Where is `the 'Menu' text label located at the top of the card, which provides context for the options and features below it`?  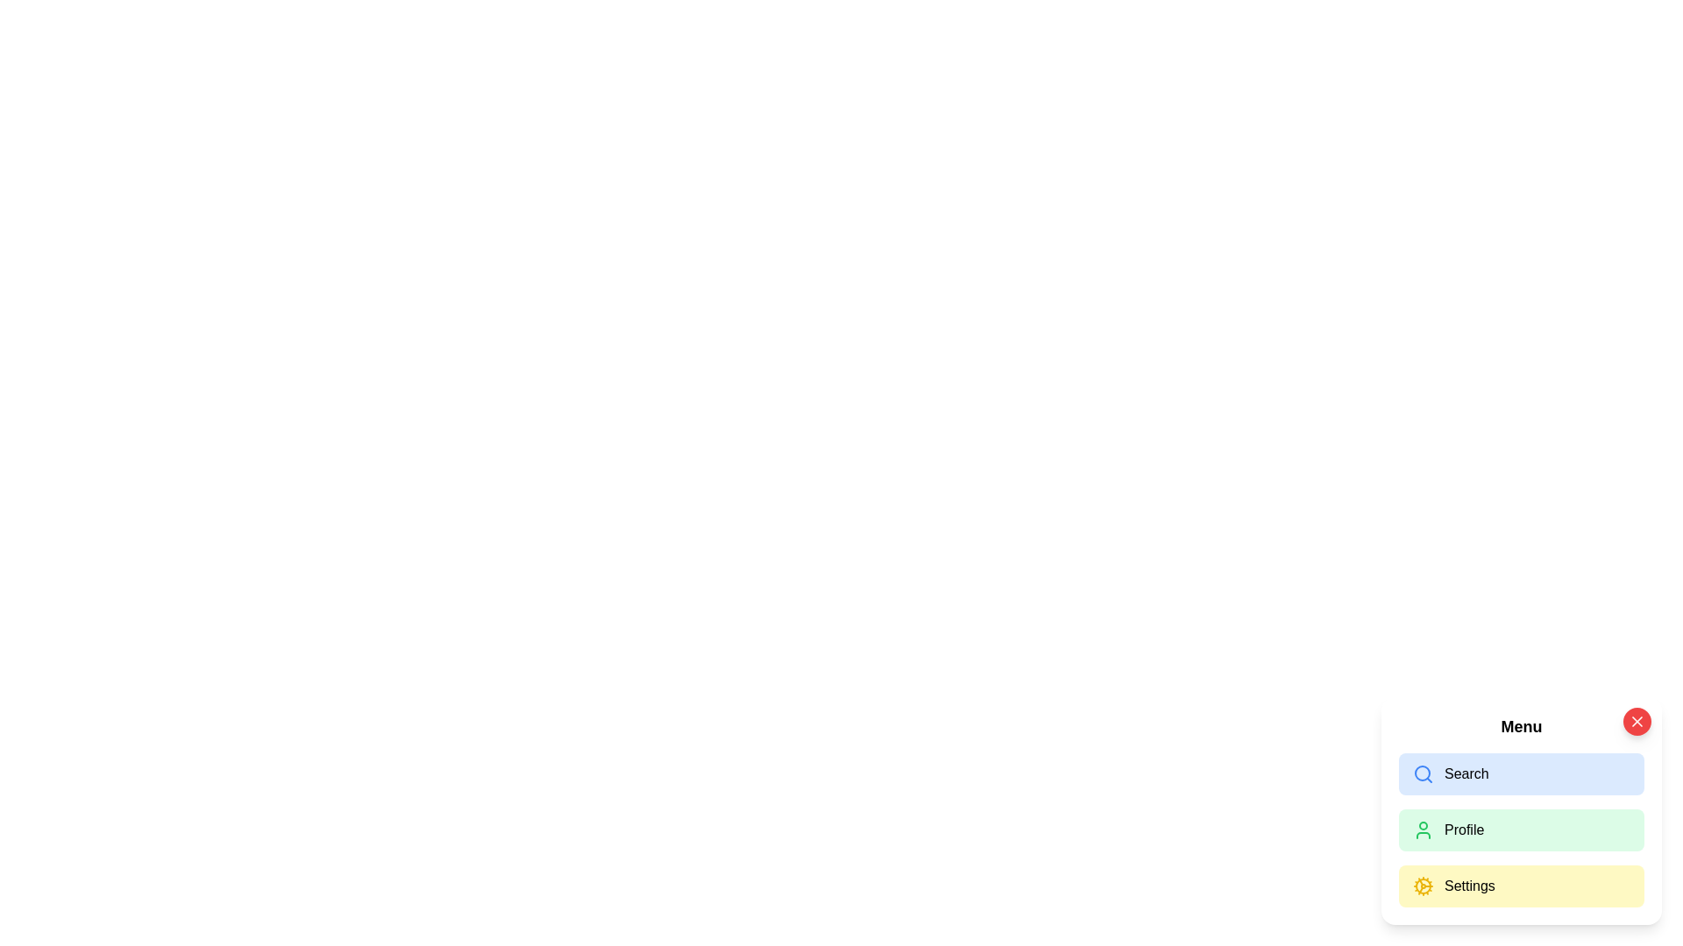
the 'Menu' text label located at the top of the card, which provides context for the options and features below it is located at coordinates (1521, 726).